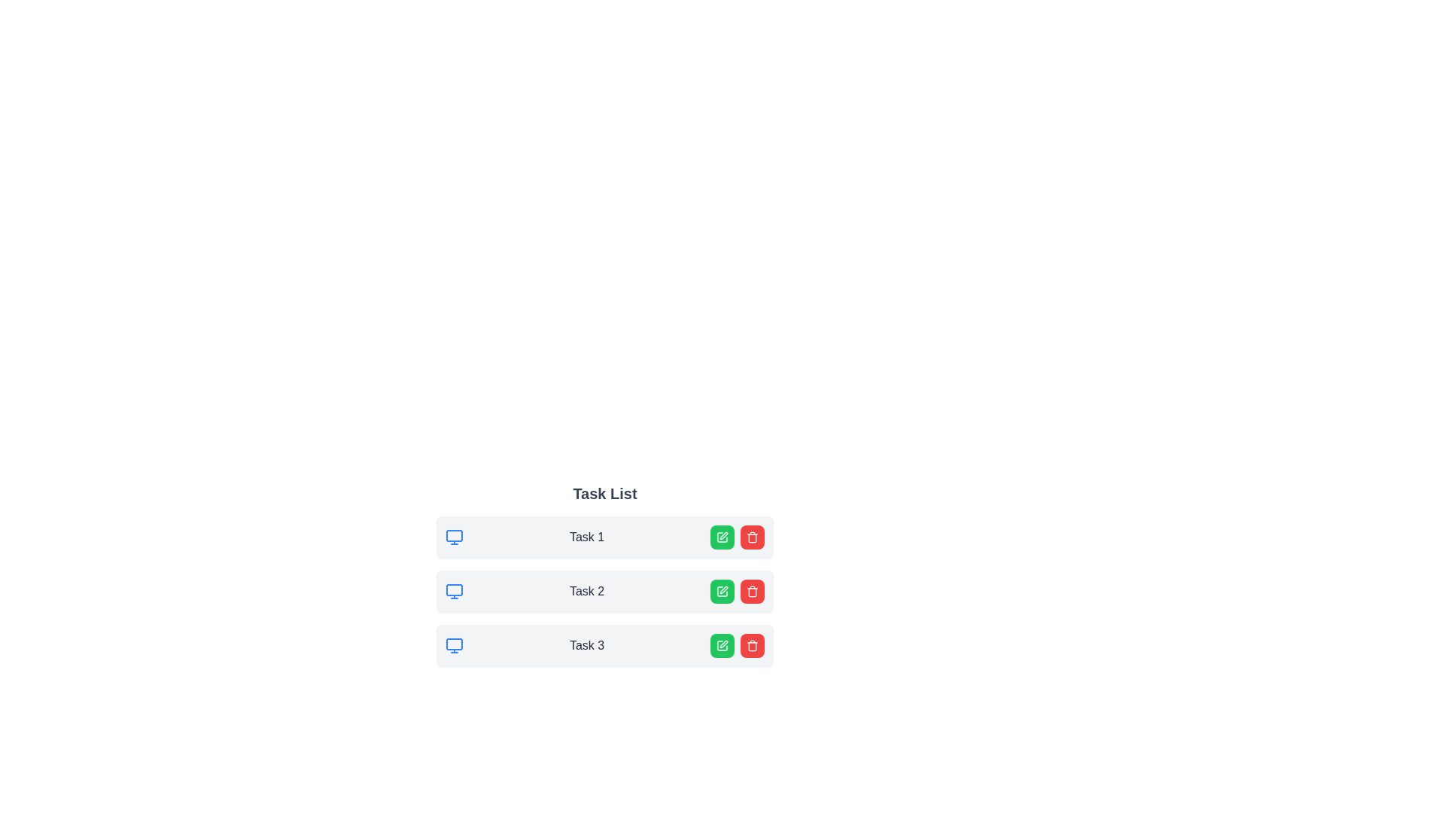 The width and height of the screenshot is (1445, 813). Describe the element at coordinates (723, 535) in the screenshot. I see `the edit icon button located in the first row of the task list interface, to the far right beside the delete icon, aligned with the task name 'Task 1'` at that location.